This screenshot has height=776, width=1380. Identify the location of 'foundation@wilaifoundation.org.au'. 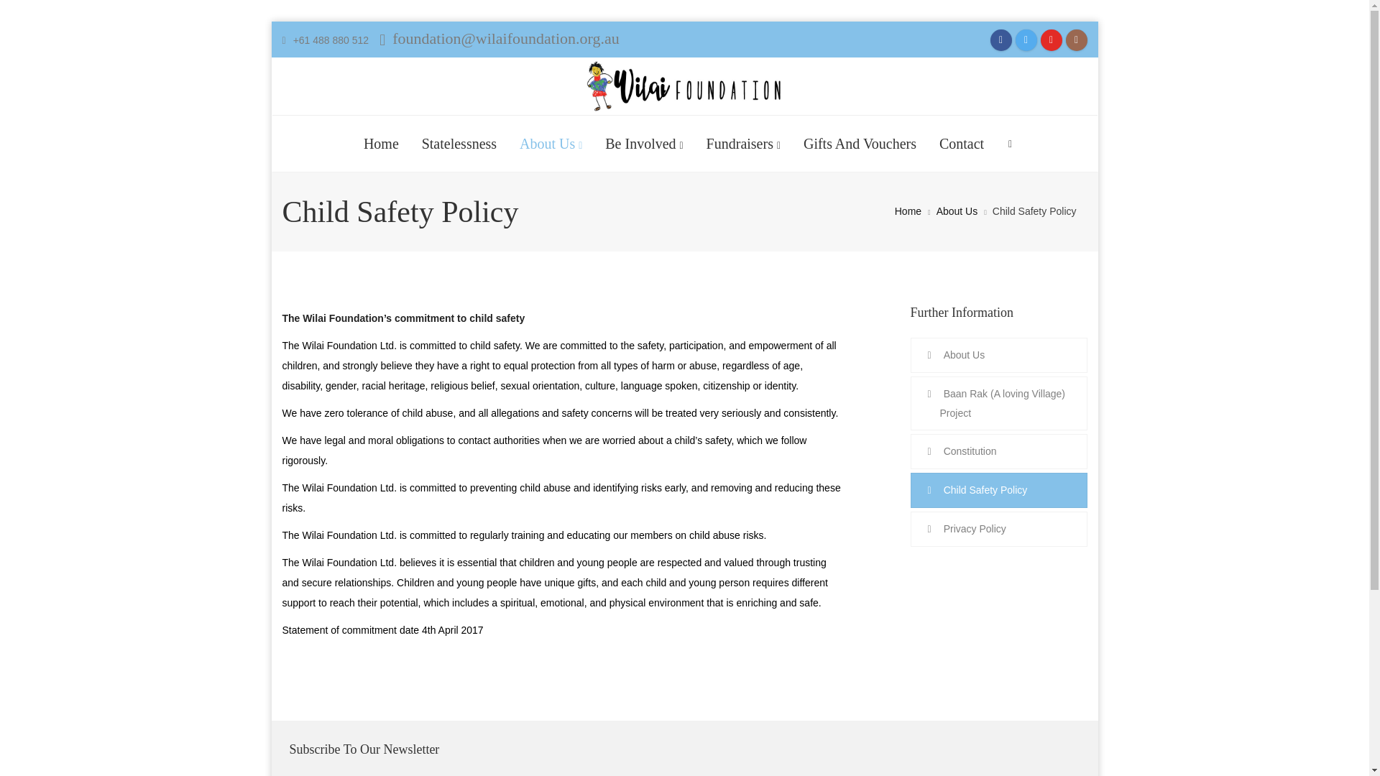
(500, 37).